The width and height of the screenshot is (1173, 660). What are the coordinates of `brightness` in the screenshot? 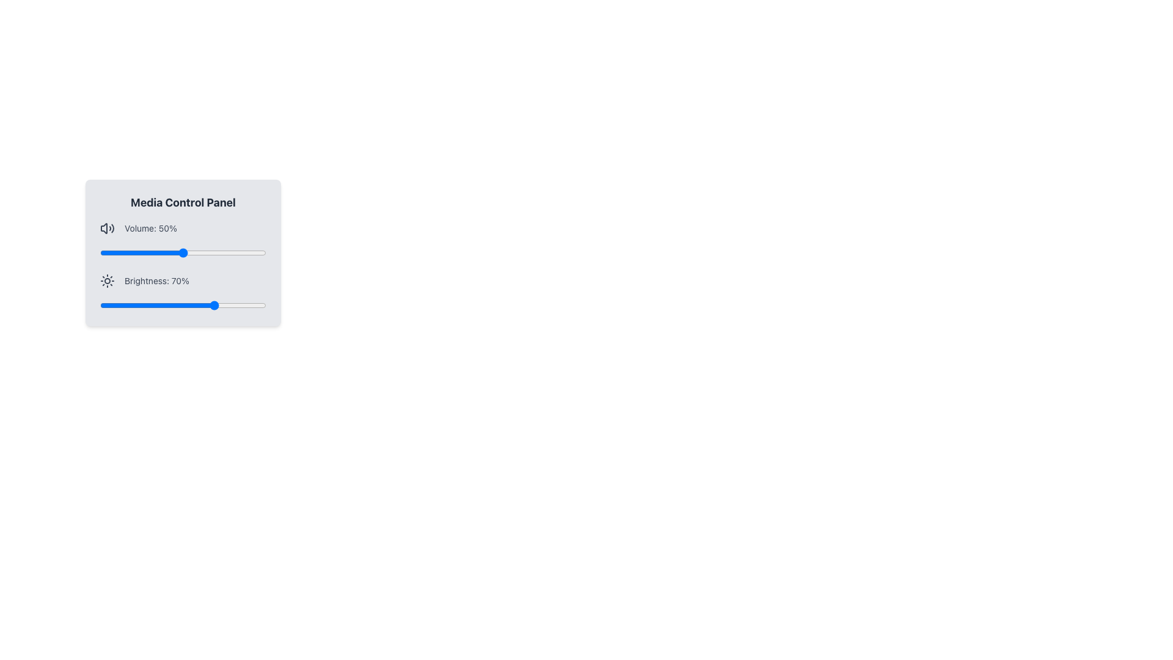 It's located at (260, 305).